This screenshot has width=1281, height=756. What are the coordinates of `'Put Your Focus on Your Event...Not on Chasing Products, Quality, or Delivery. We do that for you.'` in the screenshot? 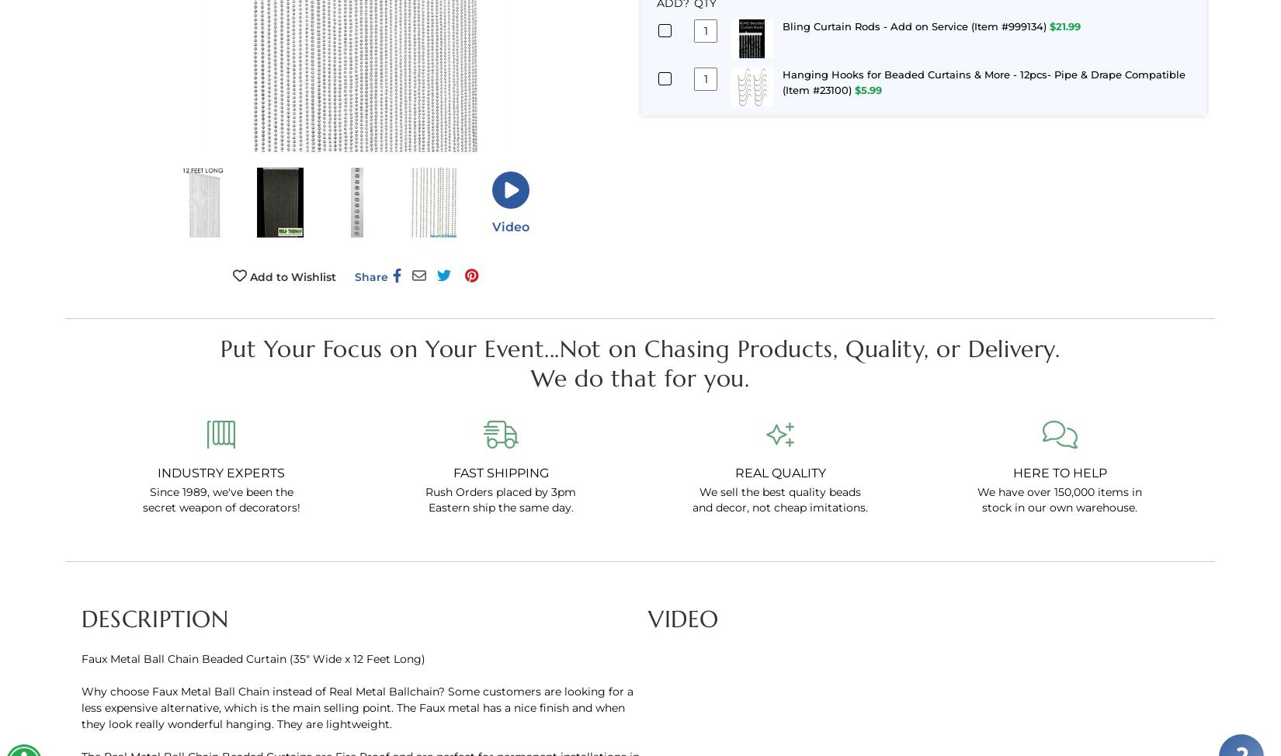 It's located at (639, 362).